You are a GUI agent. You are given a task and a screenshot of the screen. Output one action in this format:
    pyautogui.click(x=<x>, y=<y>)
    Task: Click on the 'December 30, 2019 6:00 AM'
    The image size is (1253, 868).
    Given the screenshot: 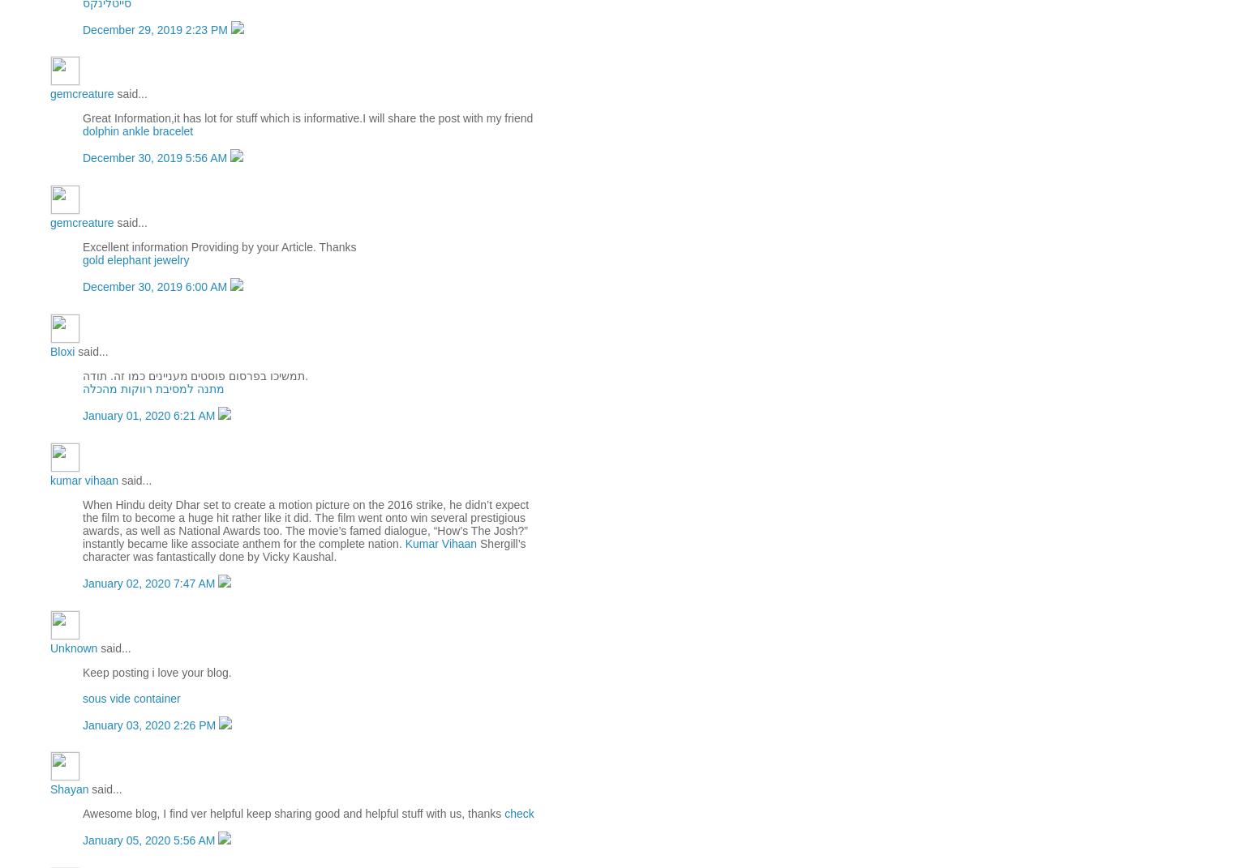 What is the action you would take?
    pyautogui.click(x=156, y=285)
    